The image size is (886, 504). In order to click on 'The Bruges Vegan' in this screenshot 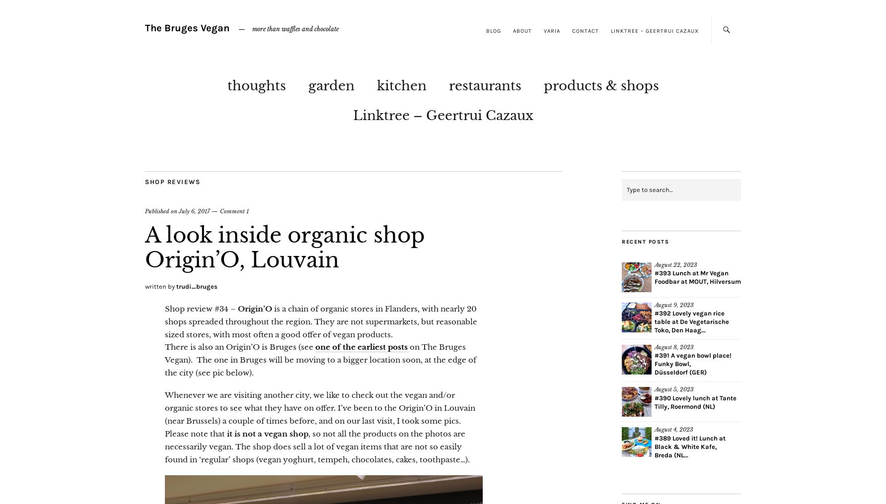, I will do `click(145, 27)`.